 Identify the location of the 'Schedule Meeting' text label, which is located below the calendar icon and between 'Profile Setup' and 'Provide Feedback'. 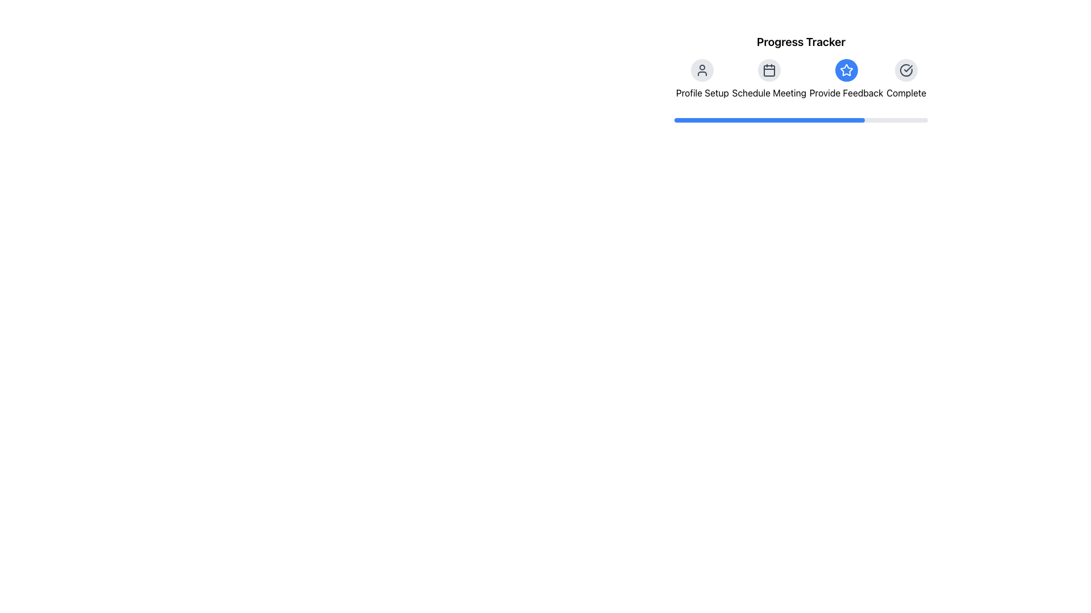
(769, 93).